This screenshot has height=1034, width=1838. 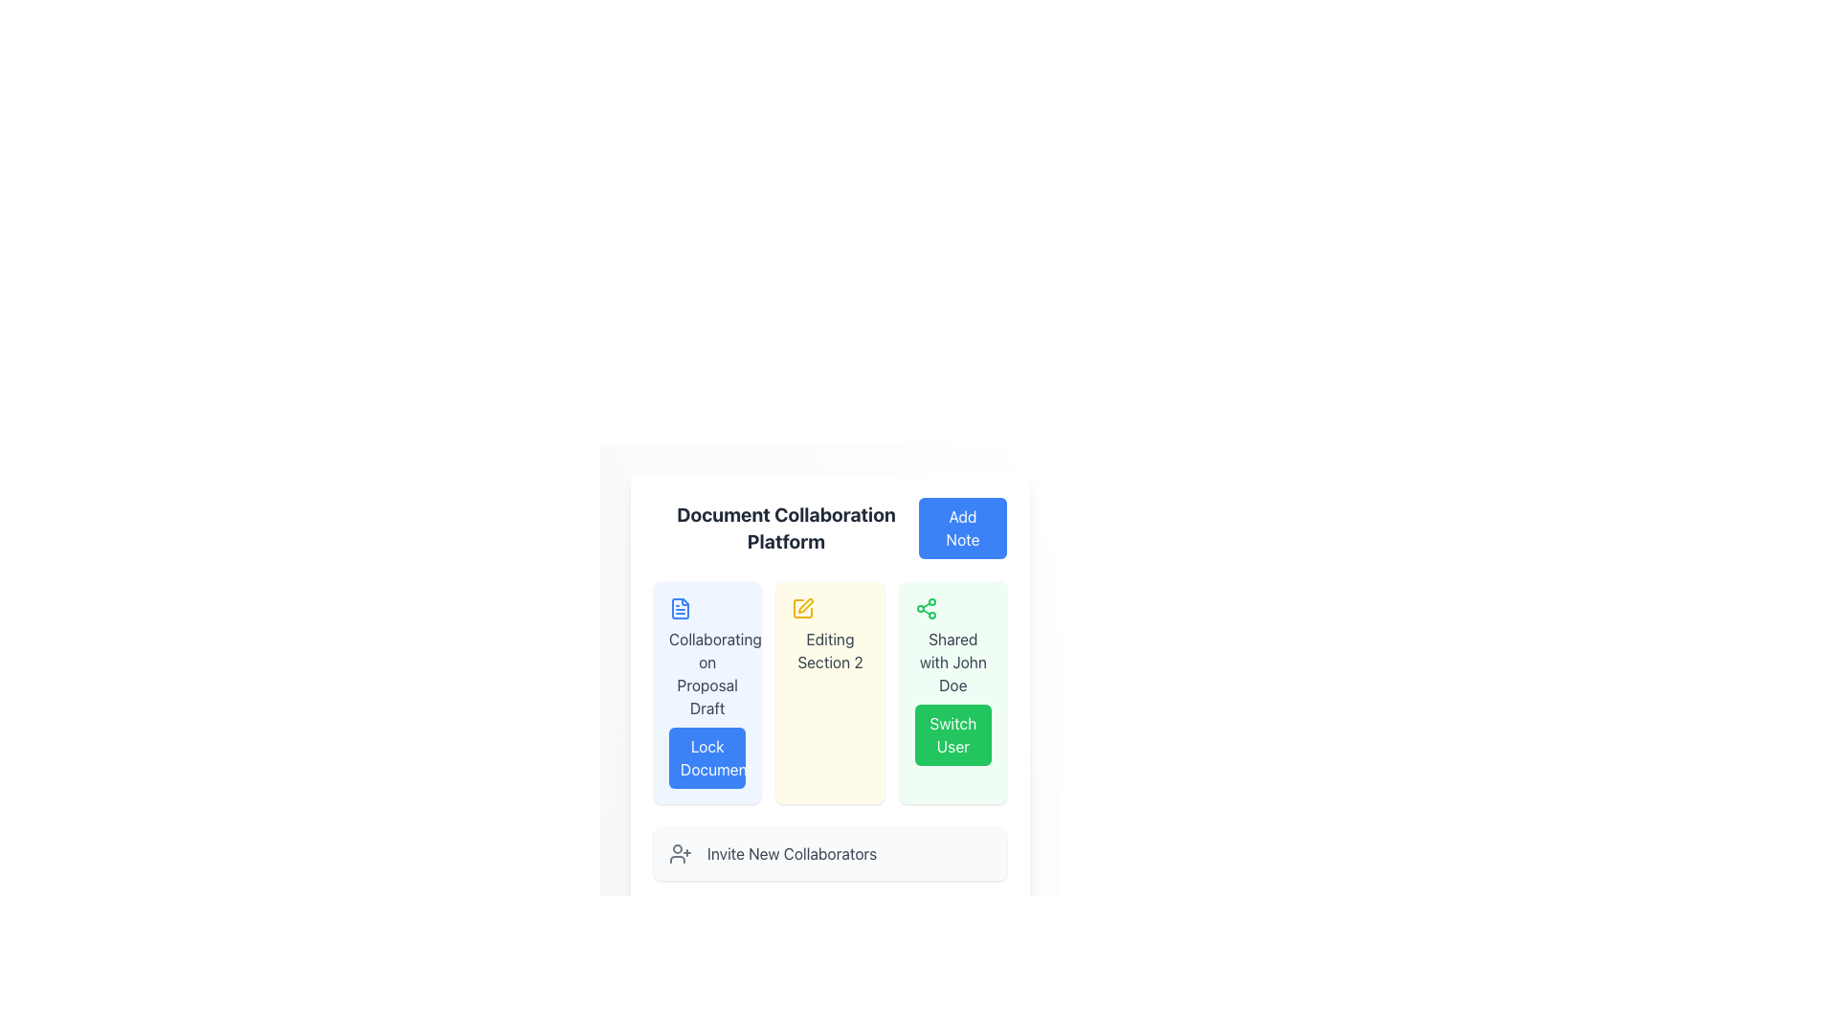 What do you see at coordinates (706, 673) in the screenshot?
I see `the text field displaying 'Collaborating on Proposal Draft', which is styled with gray color and located within a blue card, positioned above the 'Lock Document' button` at bounding box center [706, 673].